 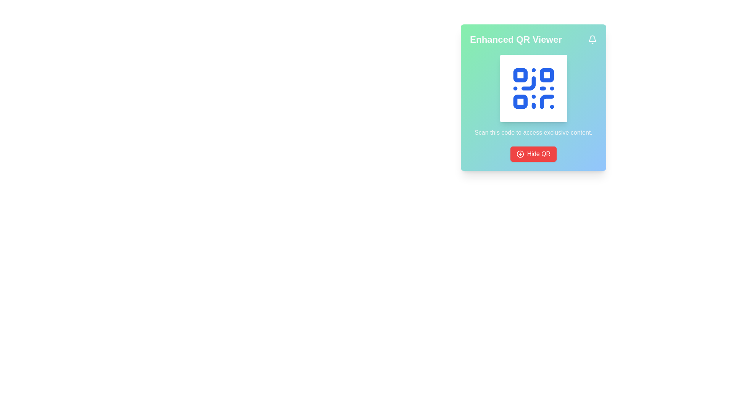 I want to click on the QR code square located at the top-left corner of the QR code grid, so click(x=520, y=75).